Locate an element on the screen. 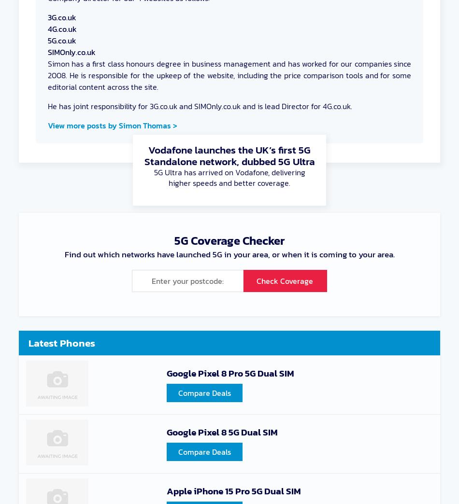 This screenshot has height=504, width=459. '5G.co.uk' is located at coordinates (62, 41).